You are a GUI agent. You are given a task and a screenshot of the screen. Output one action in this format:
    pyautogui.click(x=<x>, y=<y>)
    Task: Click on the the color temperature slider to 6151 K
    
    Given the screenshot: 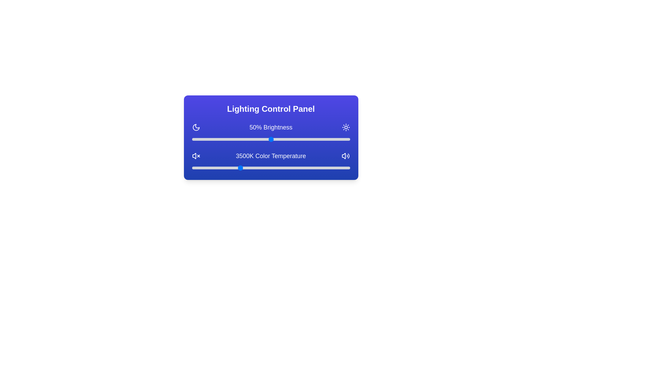 What is the action you would take?
    pyautogui.click(x=323, y=168)
    